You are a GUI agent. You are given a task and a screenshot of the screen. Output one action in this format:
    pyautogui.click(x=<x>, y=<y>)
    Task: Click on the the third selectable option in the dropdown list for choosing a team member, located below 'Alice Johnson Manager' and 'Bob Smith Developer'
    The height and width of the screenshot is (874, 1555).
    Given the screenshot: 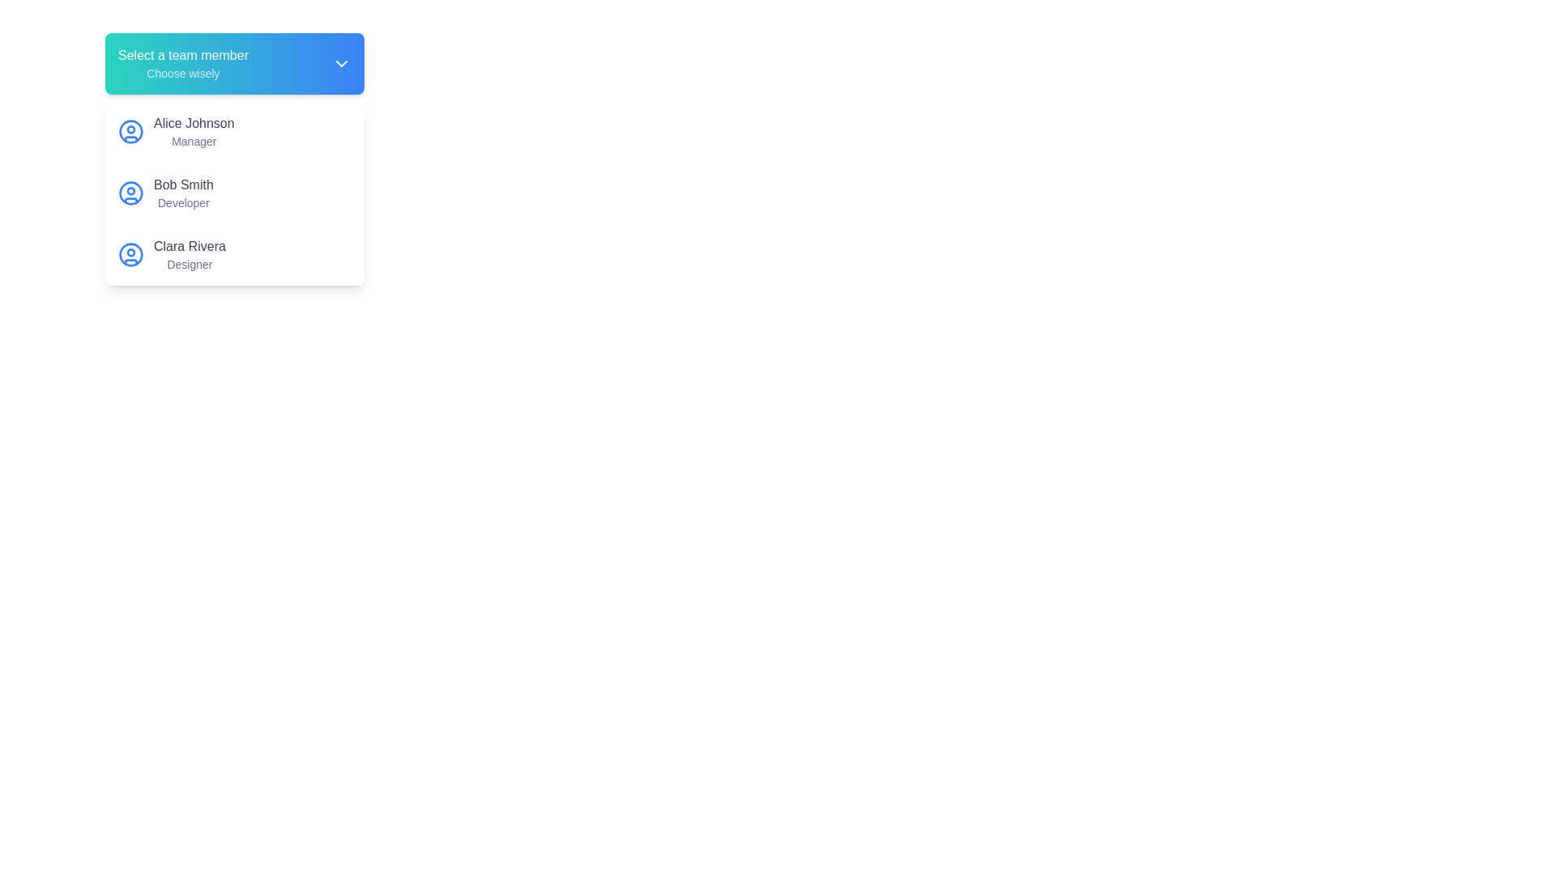 What is the action you would take?
    pyautogui.click(x=233, y=255)
    